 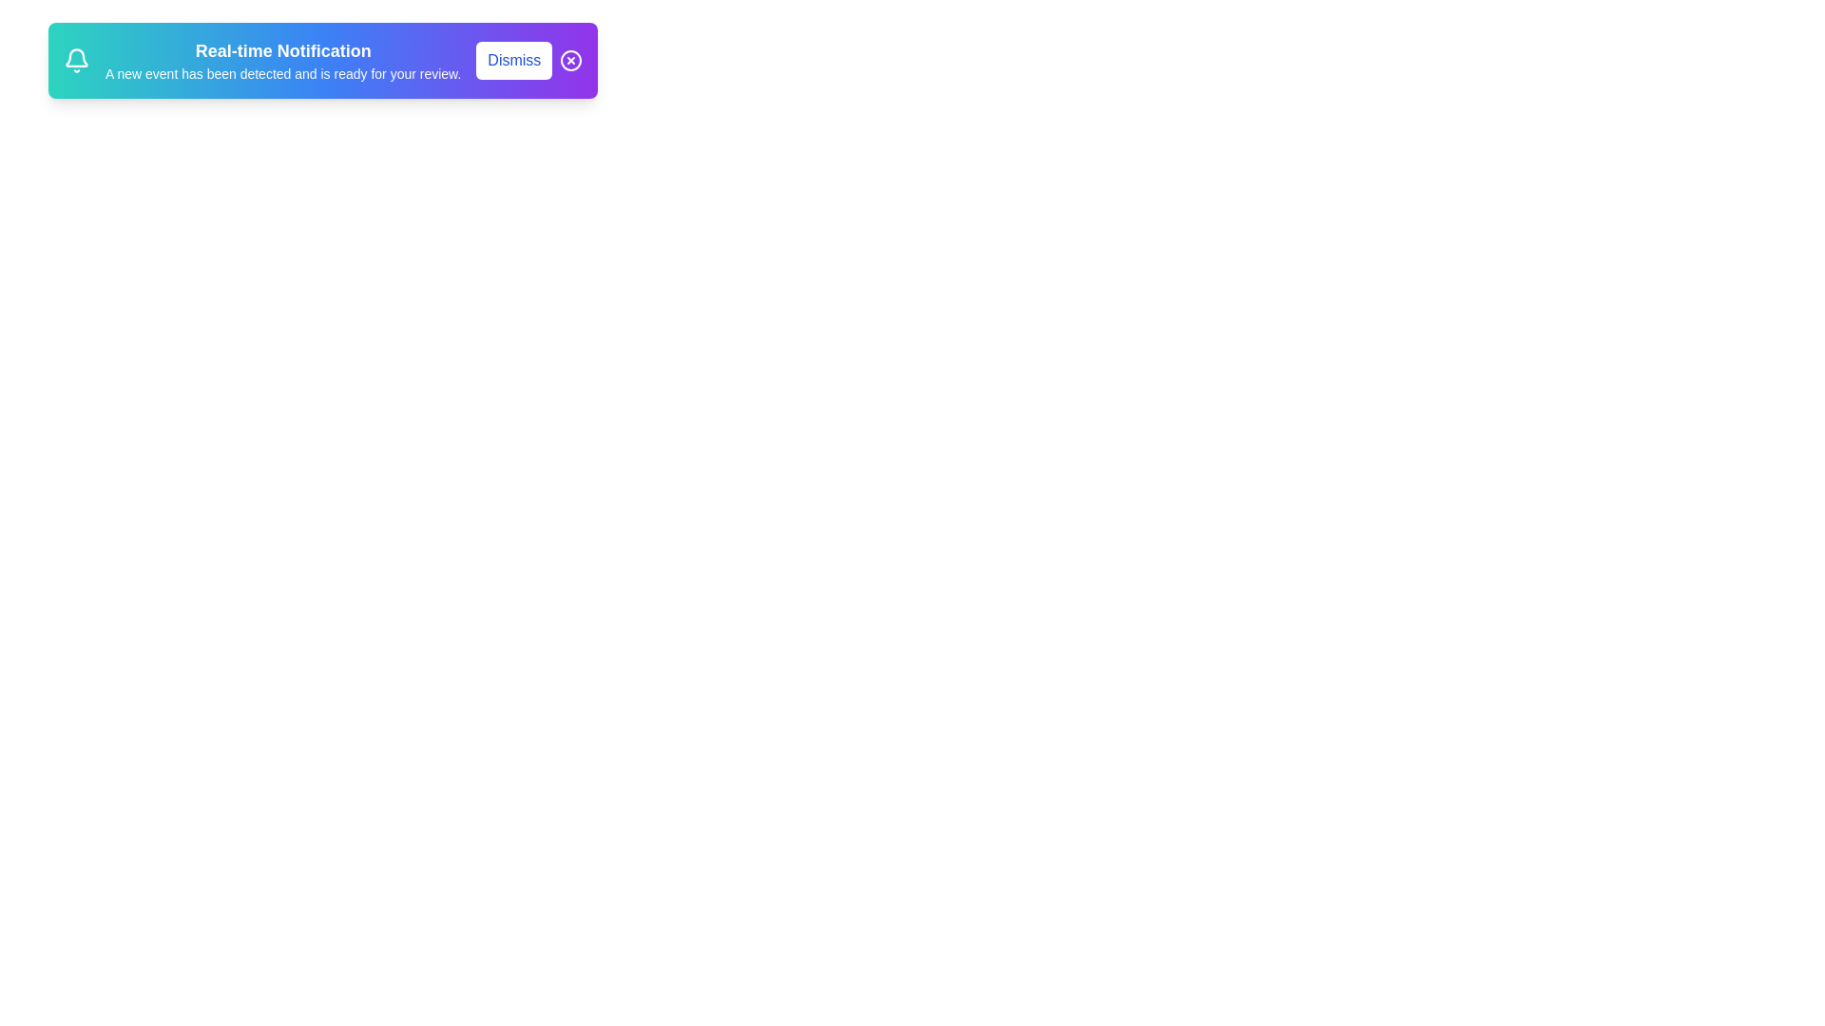 I want to click on the notification icon to interact with it, so click(x=76, y=60).